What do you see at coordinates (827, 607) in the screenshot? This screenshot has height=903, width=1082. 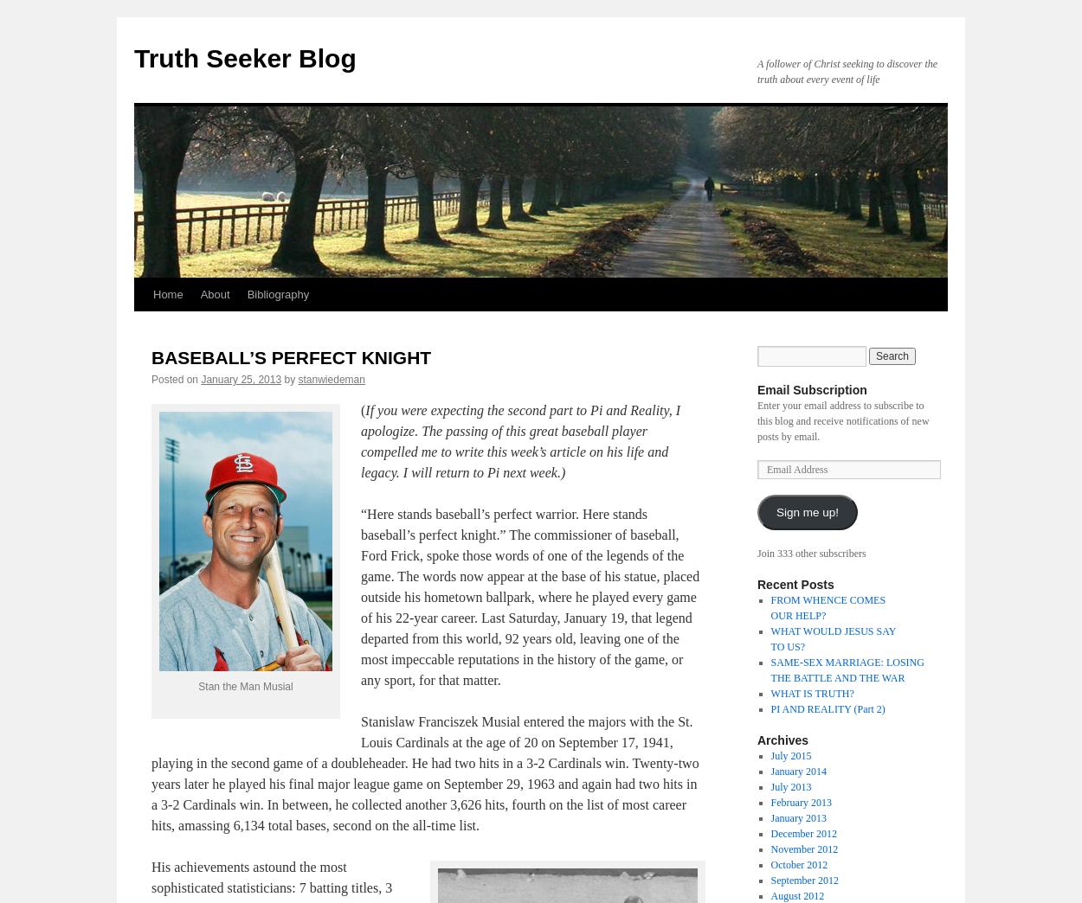 I see `'FROM WHENCE COMES OUR HELP?'` at bounding box center [827, 607].